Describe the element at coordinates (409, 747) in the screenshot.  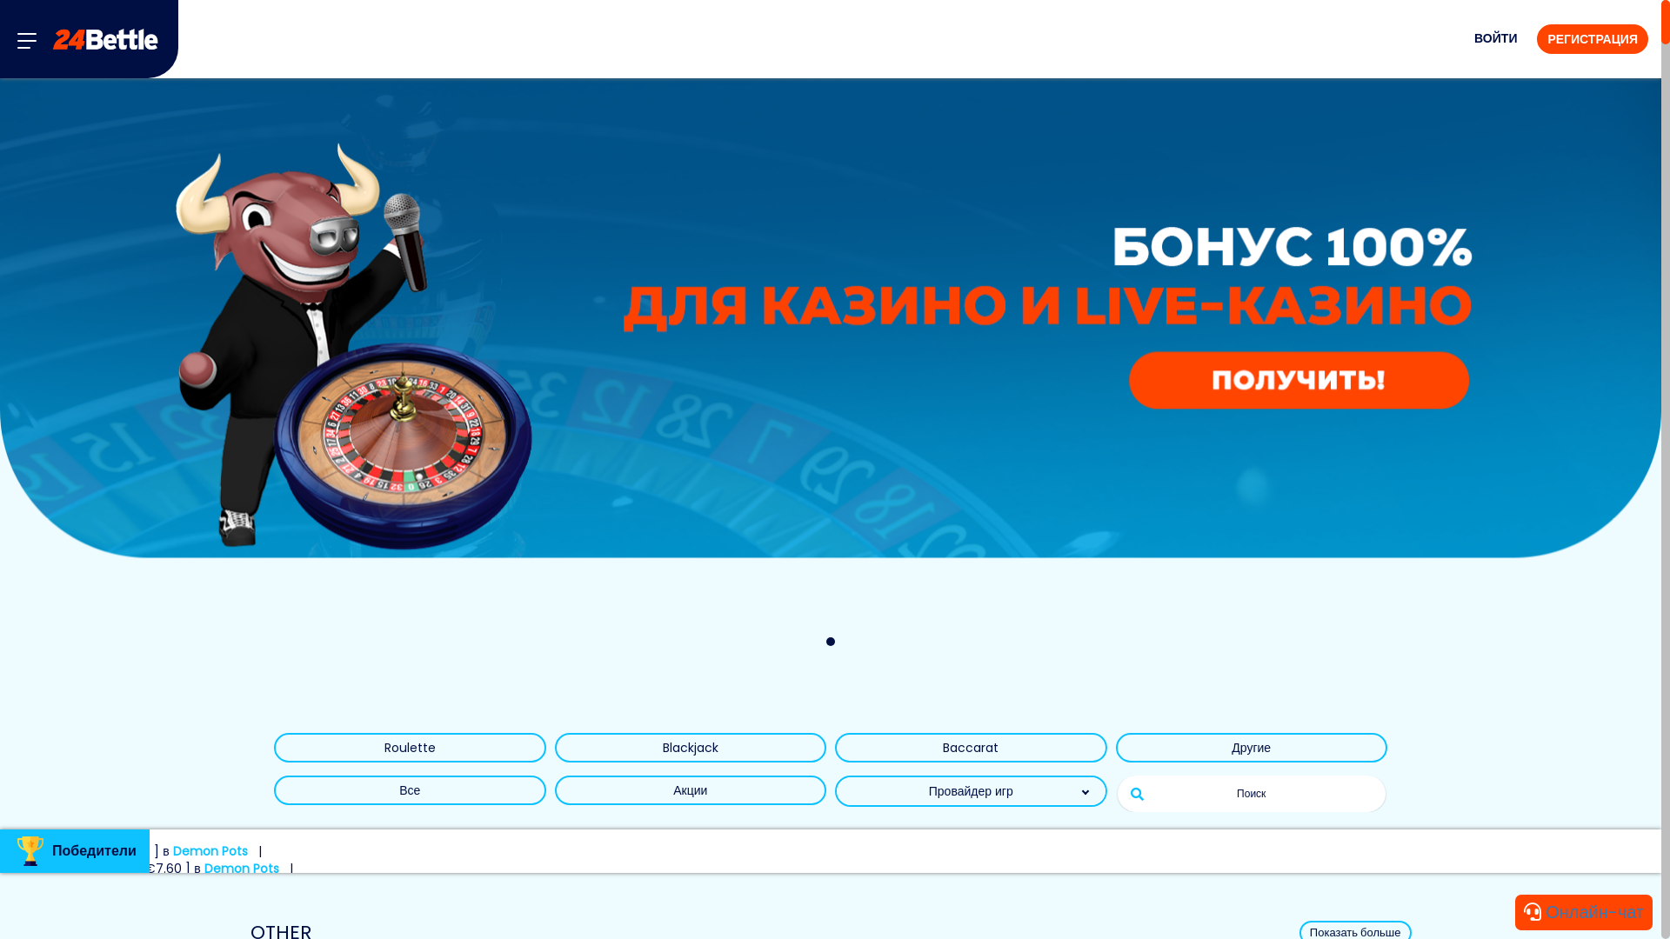
I see `'Roulette'` at that location.